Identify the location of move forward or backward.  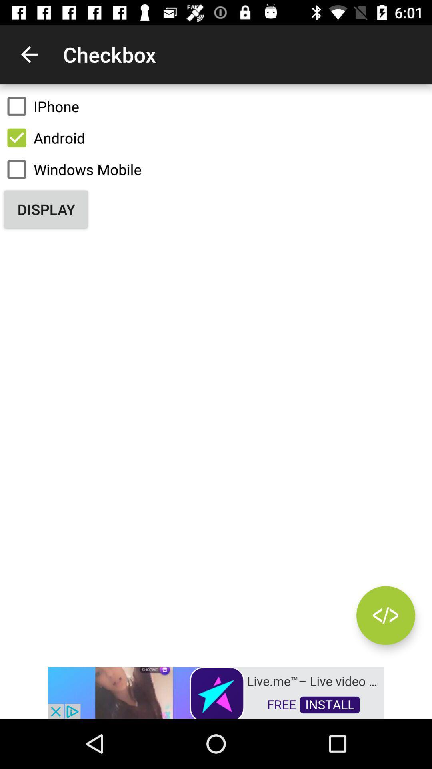
(385, 615).